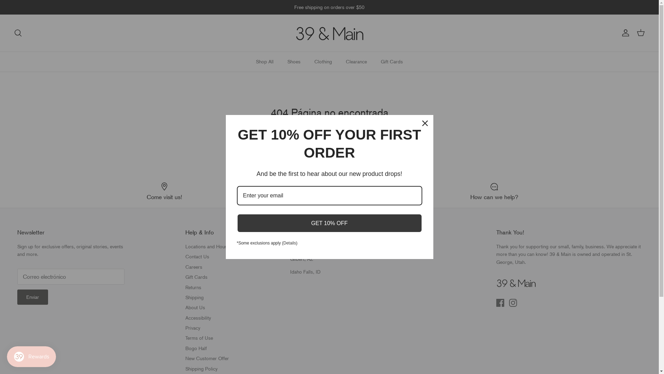 The height and width of the screenshot is (374, 664). I want to click on 'Contact Us', so click(197, 256).